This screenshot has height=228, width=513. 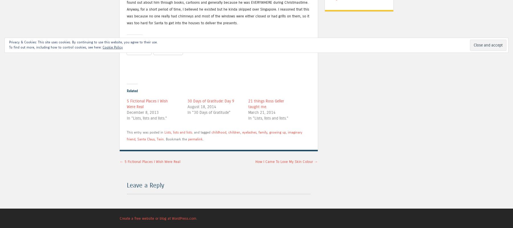 I want to click on 'children', so click(x=228, y=132).